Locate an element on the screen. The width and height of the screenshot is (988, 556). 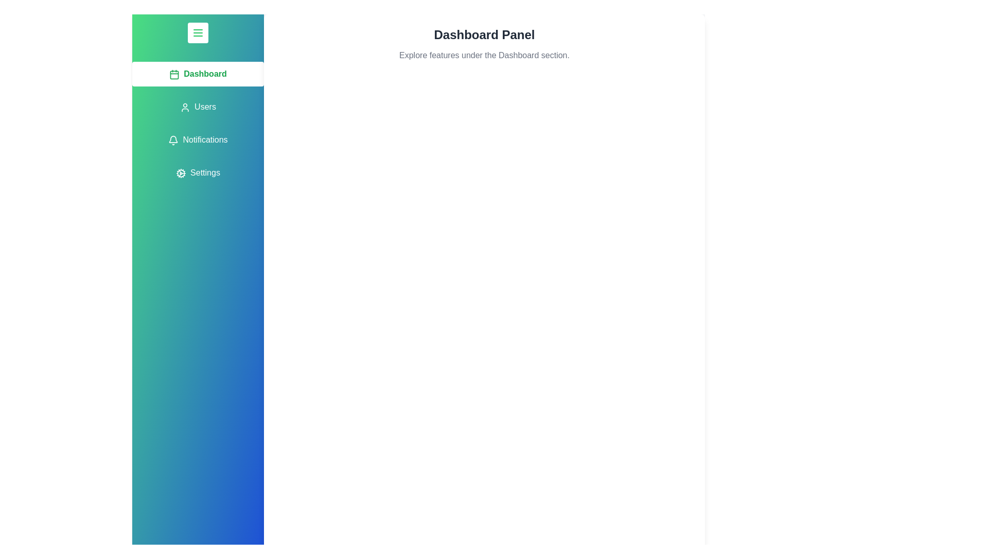
the tab labeled Users from the menu is located at coordinates (198, 107).